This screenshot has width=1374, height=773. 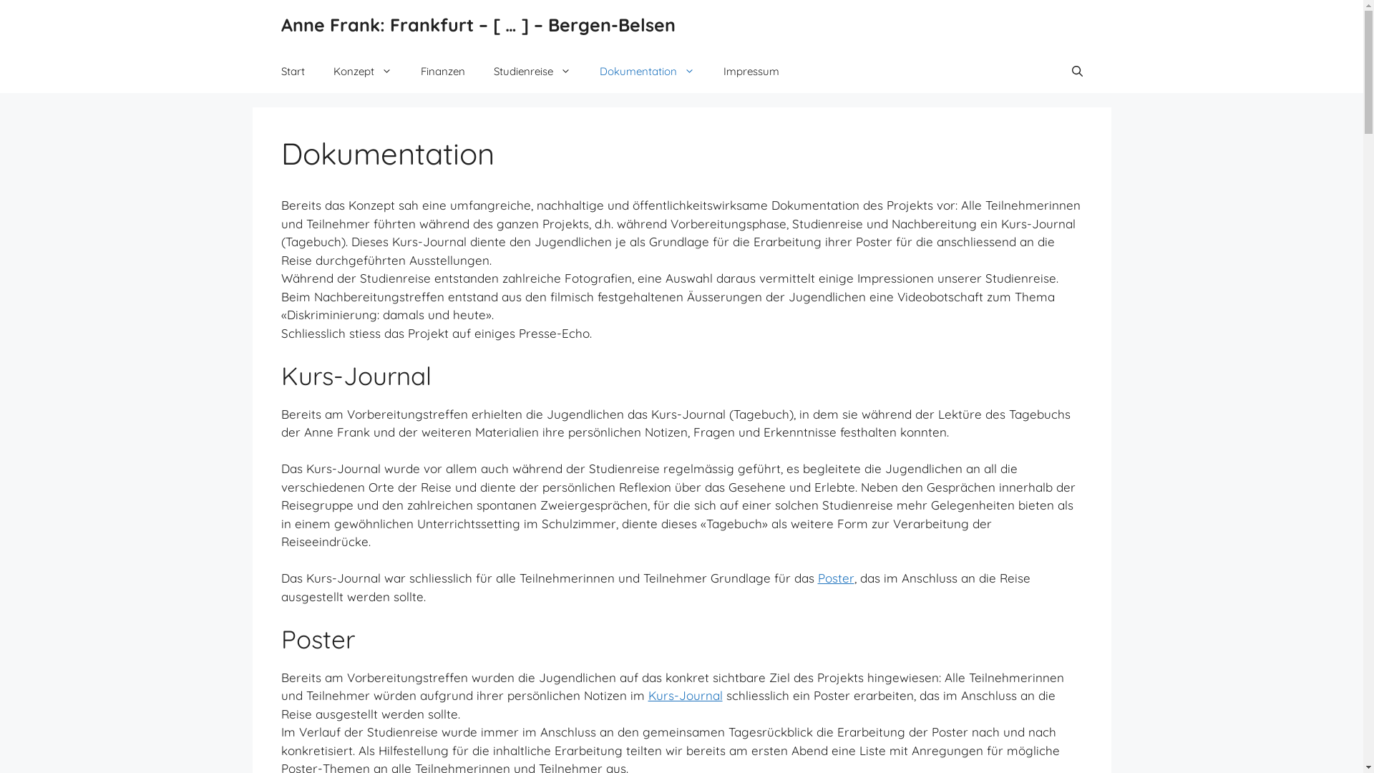 What do you see at coordinates (835, 577) in the screenshot?
I see `'Poster'` at bounding box center [835, 577].